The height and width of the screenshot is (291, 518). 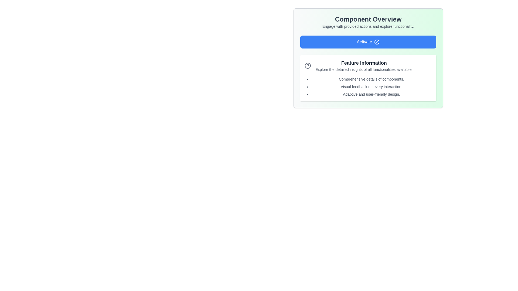 What do you see at coordinates (368, 78) in the screenshot?
I see `informative text block titled 'Feature Information' which contains detailed features listed in bullet points` at bounding box center [368, 78].